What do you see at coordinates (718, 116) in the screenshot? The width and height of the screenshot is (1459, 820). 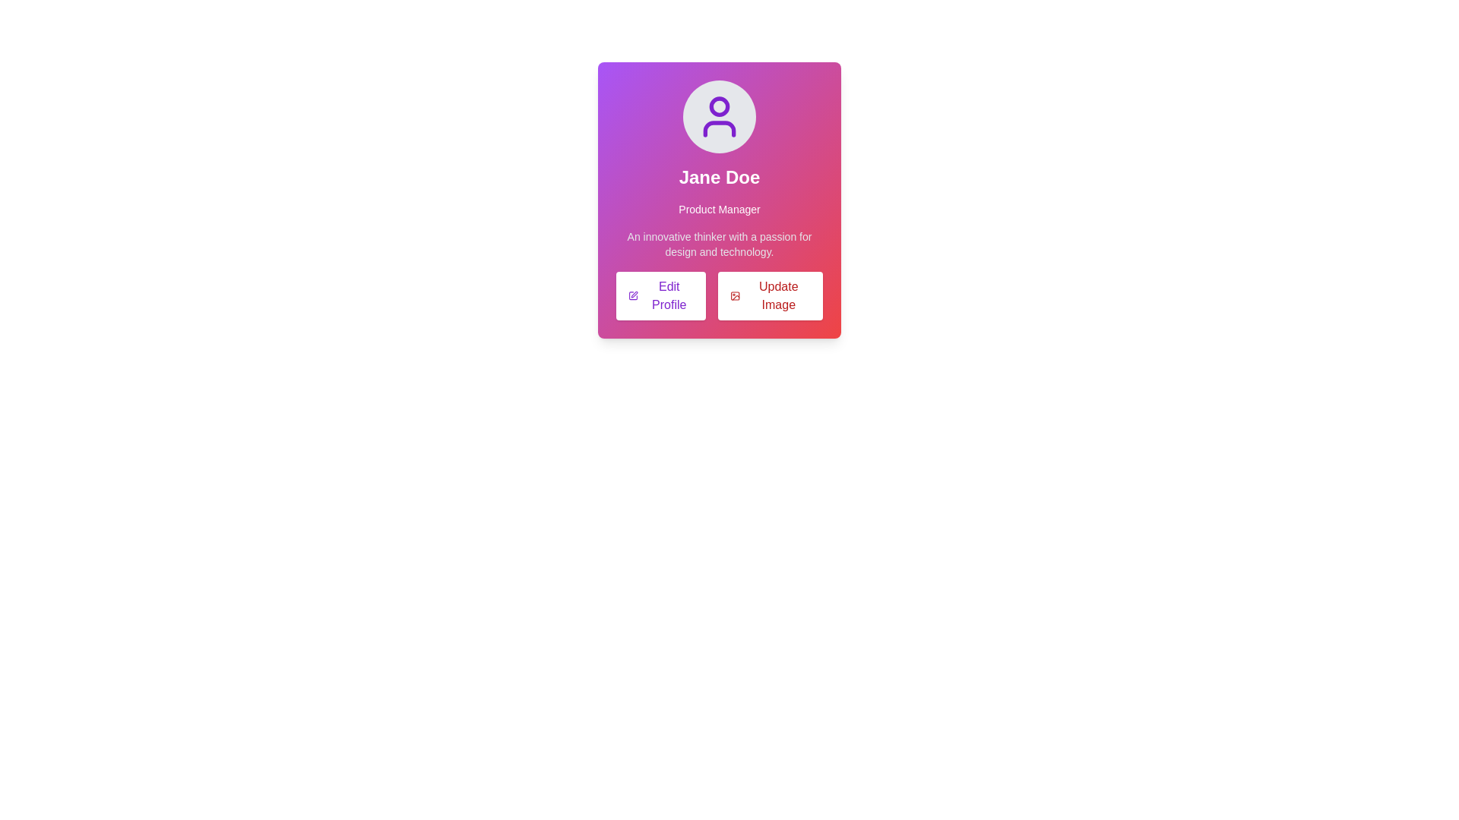 I see `the profile icon representing the user 'Jane Doe', which is located at the top center of the profile card` at bounding box center [718, 116].